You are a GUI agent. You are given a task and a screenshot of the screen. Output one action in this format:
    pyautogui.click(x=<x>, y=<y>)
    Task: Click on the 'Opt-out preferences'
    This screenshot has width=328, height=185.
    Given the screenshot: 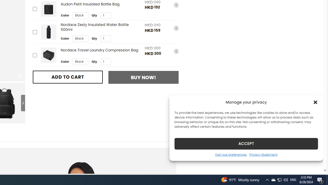 What is the action you would take?
    pyautogui.click(x=230, y=154)
    